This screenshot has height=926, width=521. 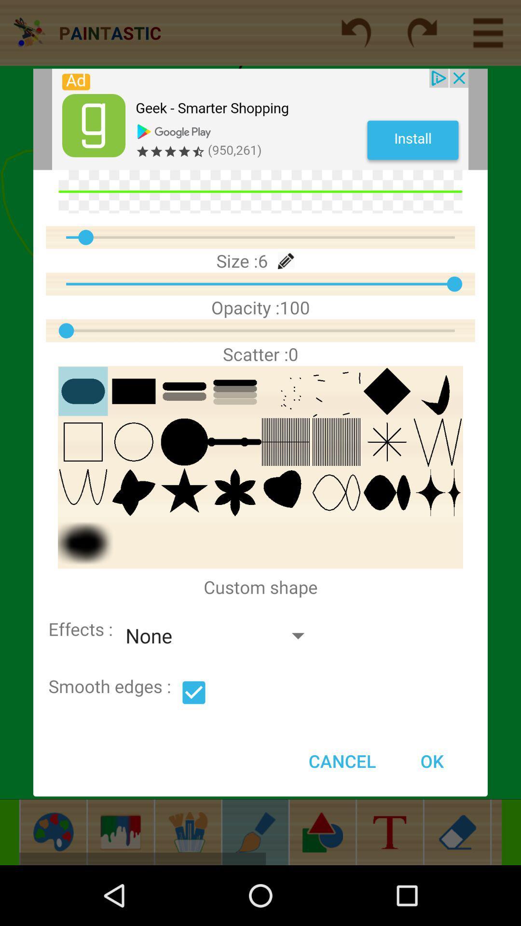 I want to click on smoothe edge, so click(x=193, y=692).